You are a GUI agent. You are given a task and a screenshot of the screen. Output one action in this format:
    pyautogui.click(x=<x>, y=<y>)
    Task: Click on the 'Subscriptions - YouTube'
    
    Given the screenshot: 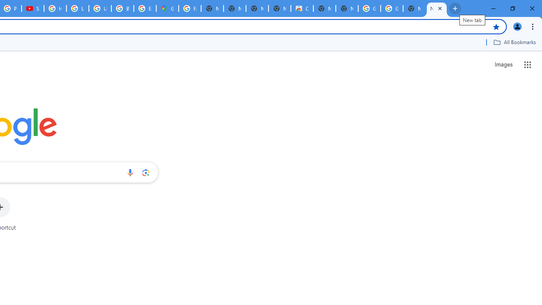 What is the action you would take?
    pyautogui.click(x=33, y=8)
    